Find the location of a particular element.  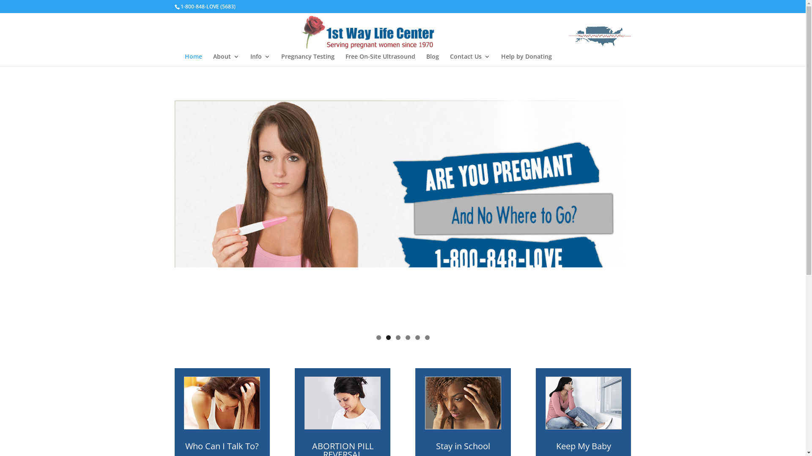

'1' is located at coordinates (378, 337).